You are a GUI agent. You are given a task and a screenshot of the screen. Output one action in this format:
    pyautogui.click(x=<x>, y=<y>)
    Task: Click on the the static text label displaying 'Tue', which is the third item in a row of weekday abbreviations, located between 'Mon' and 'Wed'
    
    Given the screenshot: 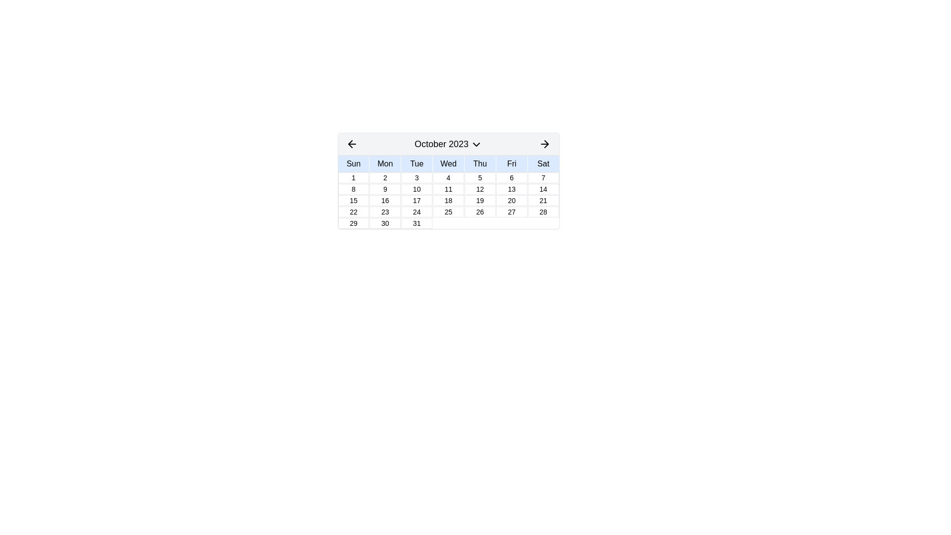 What is the action you would take?
    pyautogui.click(x=417, y=163)
    